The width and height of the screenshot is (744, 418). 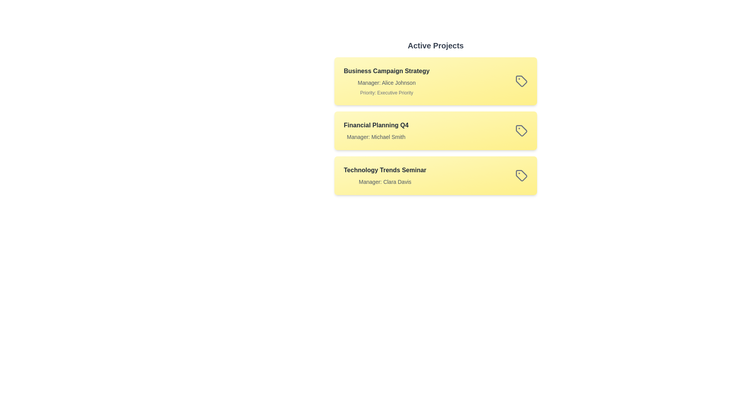 I want to click on the project titled 'Technology Trends Seminar' to observe visual feedback, so click(x=436, y=176).